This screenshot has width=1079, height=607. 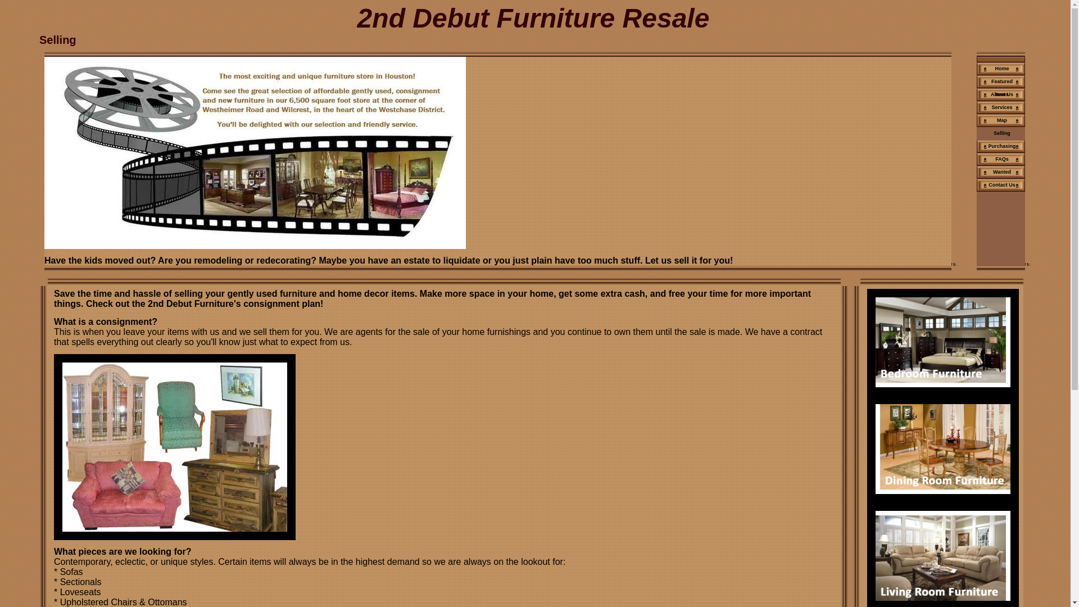 I want to click on 'FAQs', so click(x=1000, y=159).